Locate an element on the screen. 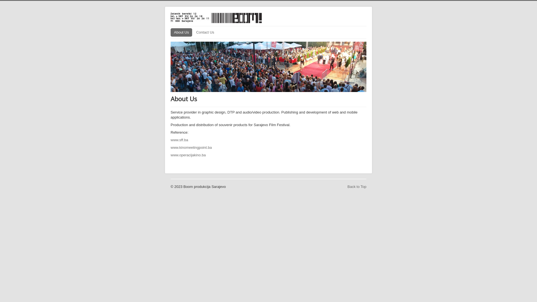  'www.kinomeetingpoint.ba' is located at coordinates (170, 147).